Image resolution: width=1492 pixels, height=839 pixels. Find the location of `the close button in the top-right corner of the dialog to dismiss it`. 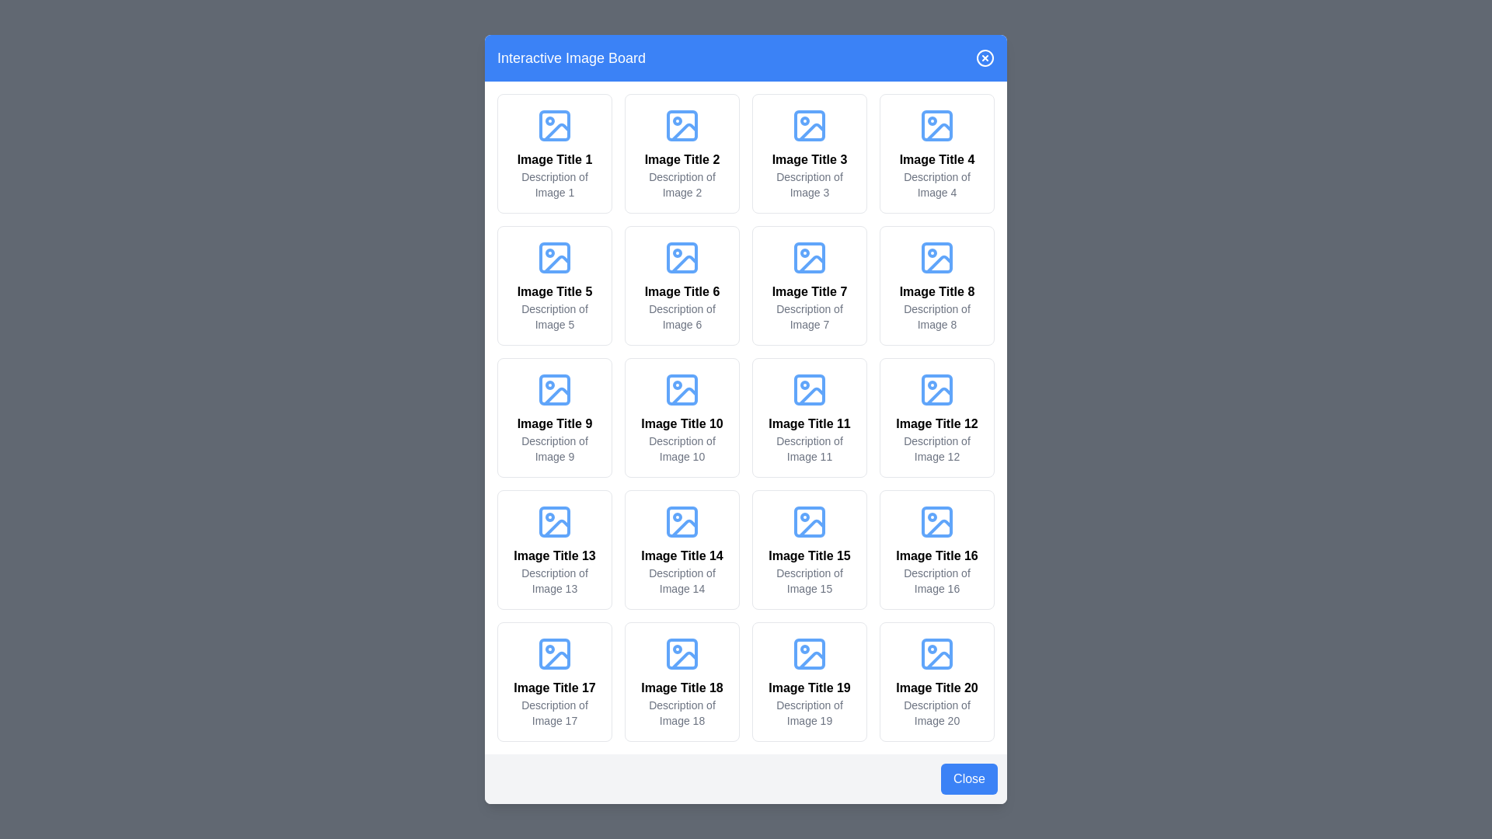

the close button in the top-right corner of the dialog to dismiss it is located at coordinates (984, 57).